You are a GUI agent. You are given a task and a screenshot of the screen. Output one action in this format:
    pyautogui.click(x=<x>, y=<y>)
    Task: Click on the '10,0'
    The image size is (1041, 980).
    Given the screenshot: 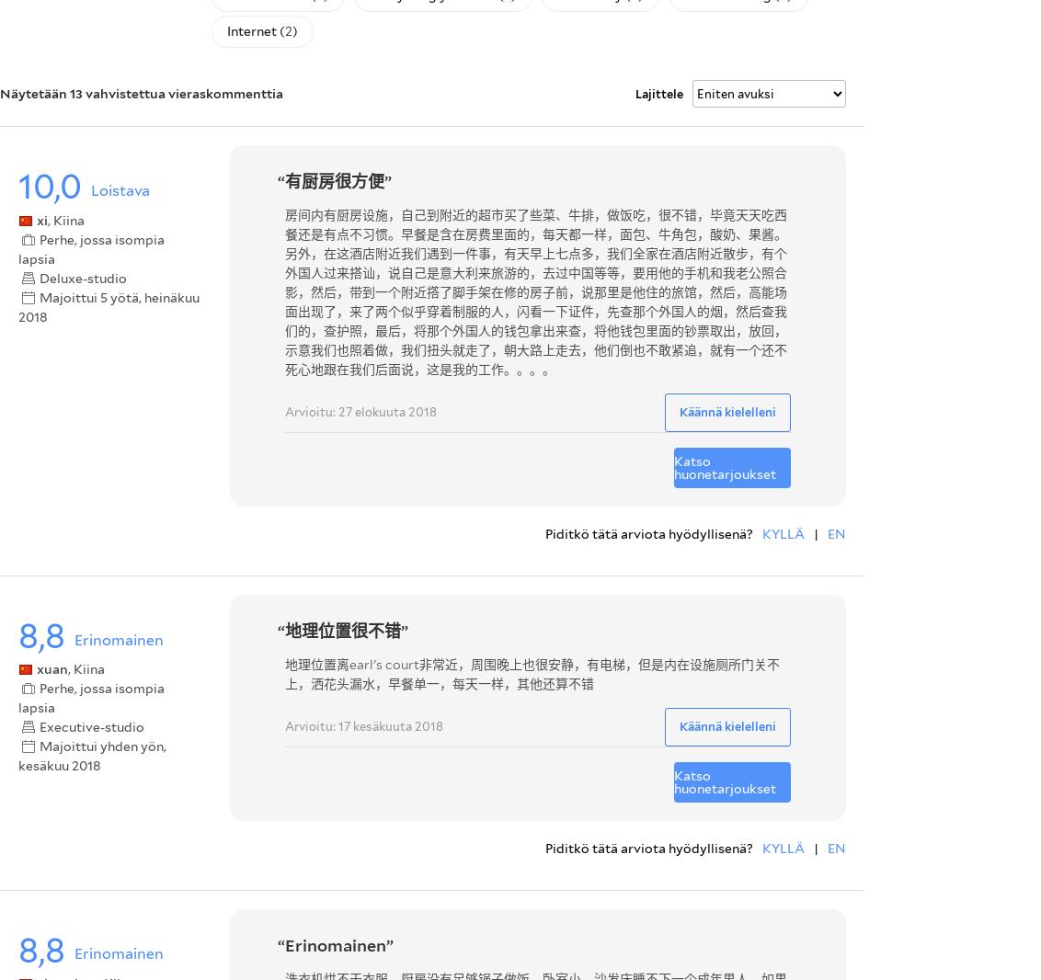 What is the action you would take?
    pyautogui.click(x=50, y=185)
    